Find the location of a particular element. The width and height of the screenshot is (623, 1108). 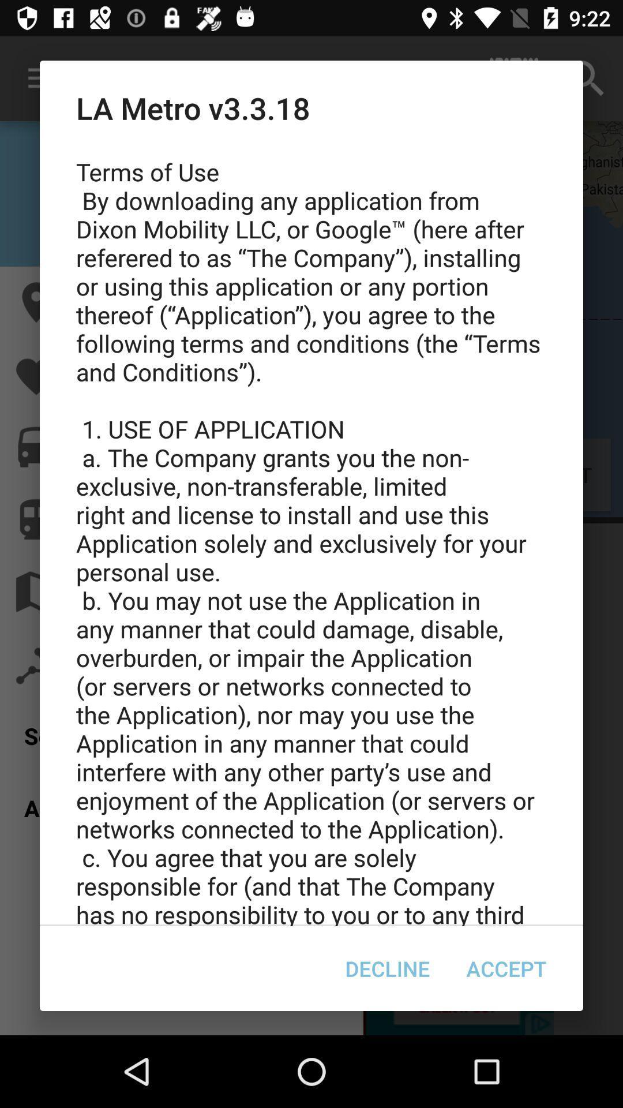

item to the left of accept is located at coordinates (387, 968).